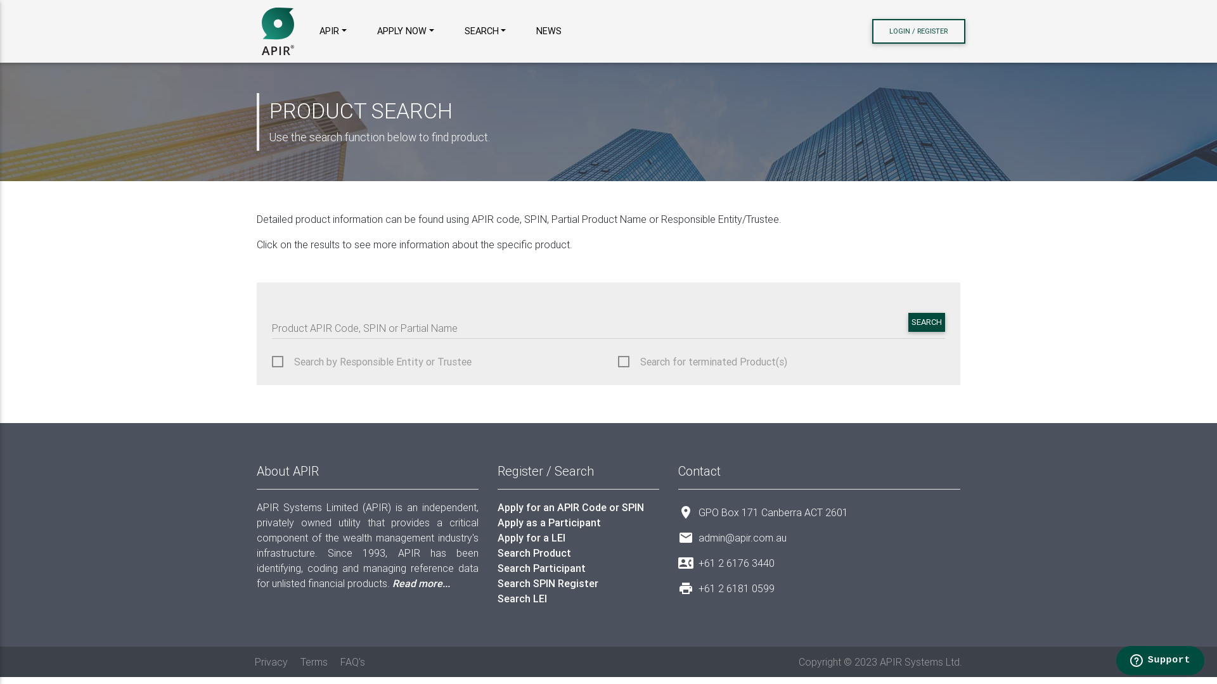  I want to click on 'Read more...', so click(421, 583).